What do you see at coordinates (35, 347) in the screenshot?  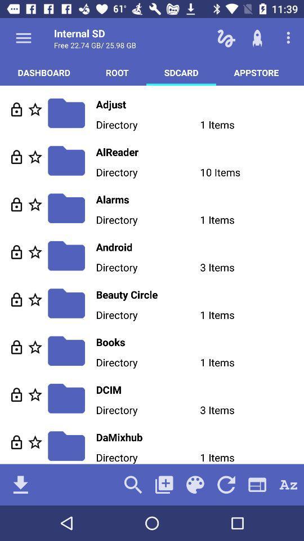 I see `favorite` at bounding box center [35, 347].